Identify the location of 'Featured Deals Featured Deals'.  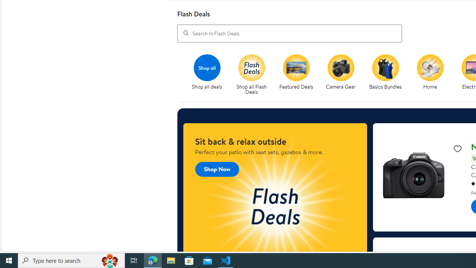
(296, 72).